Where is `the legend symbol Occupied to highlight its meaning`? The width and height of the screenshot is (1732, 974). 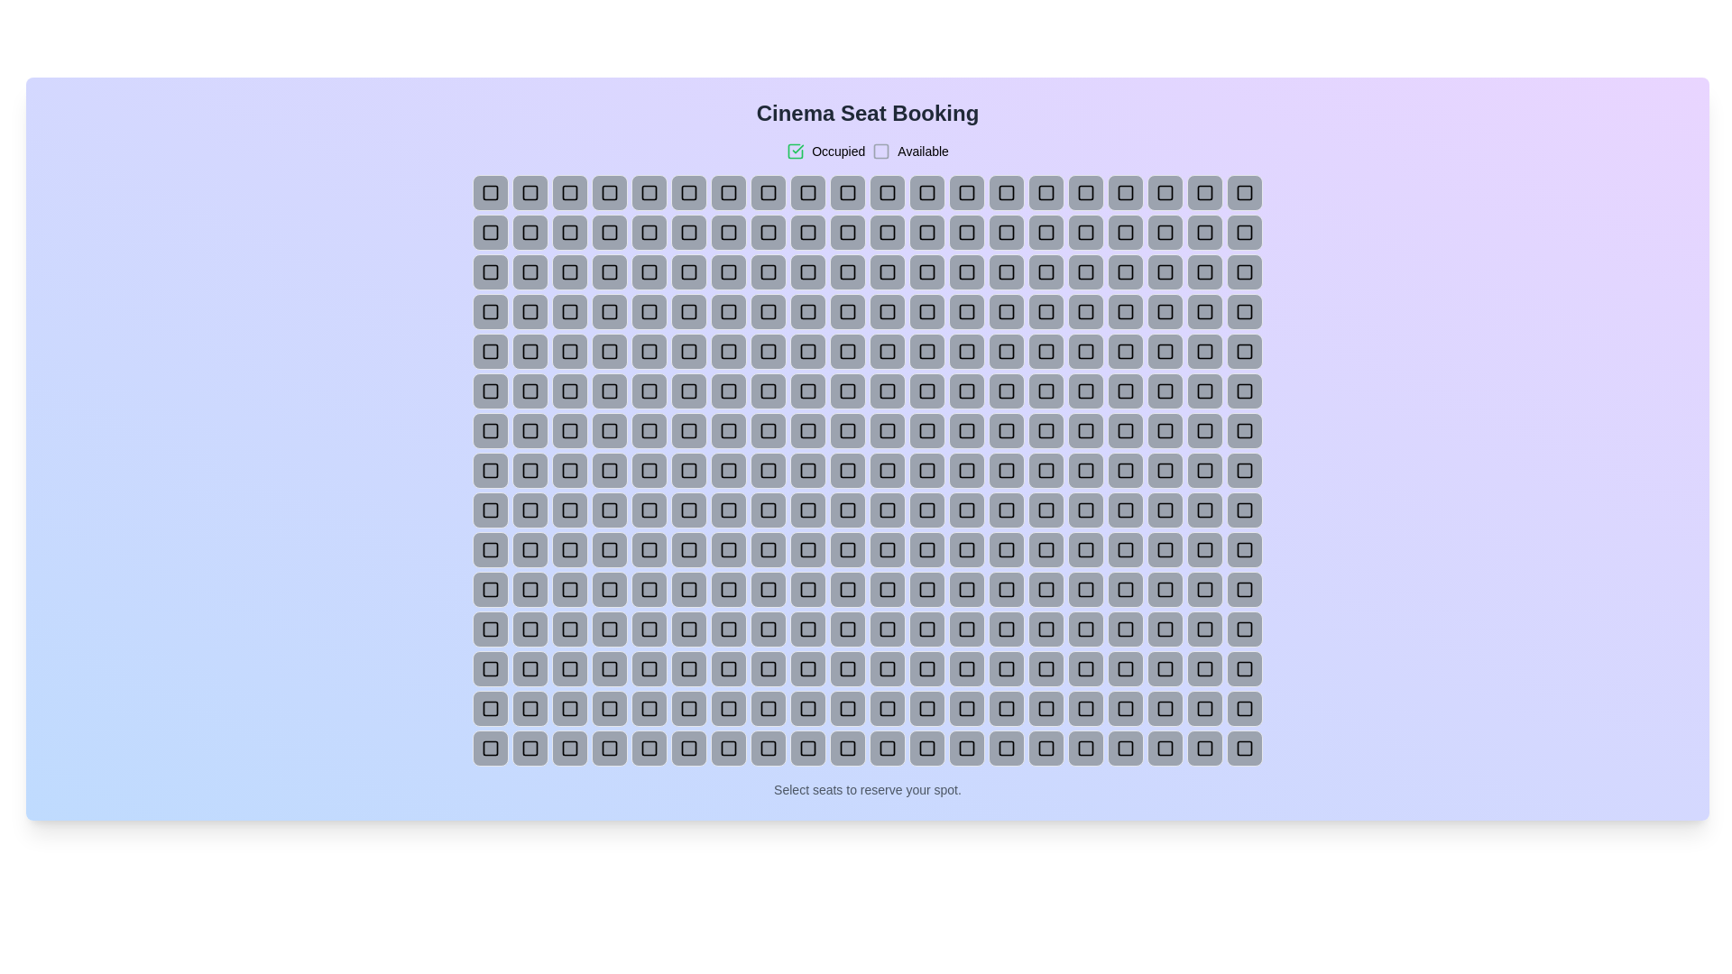
the legend symbol Occupied to highlight its meaning is located at coordinates (795, 151).